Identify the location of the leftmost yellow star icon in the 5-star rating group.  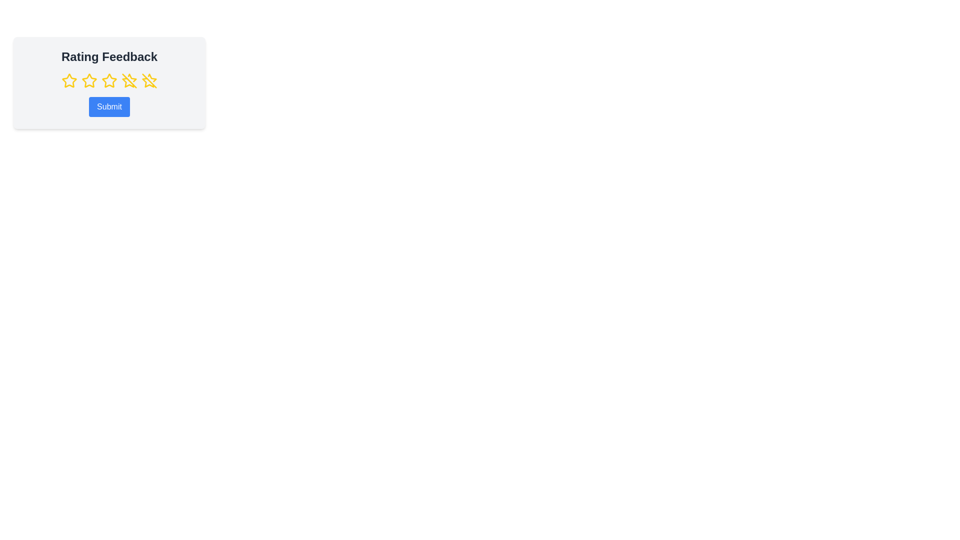
(69, 80).